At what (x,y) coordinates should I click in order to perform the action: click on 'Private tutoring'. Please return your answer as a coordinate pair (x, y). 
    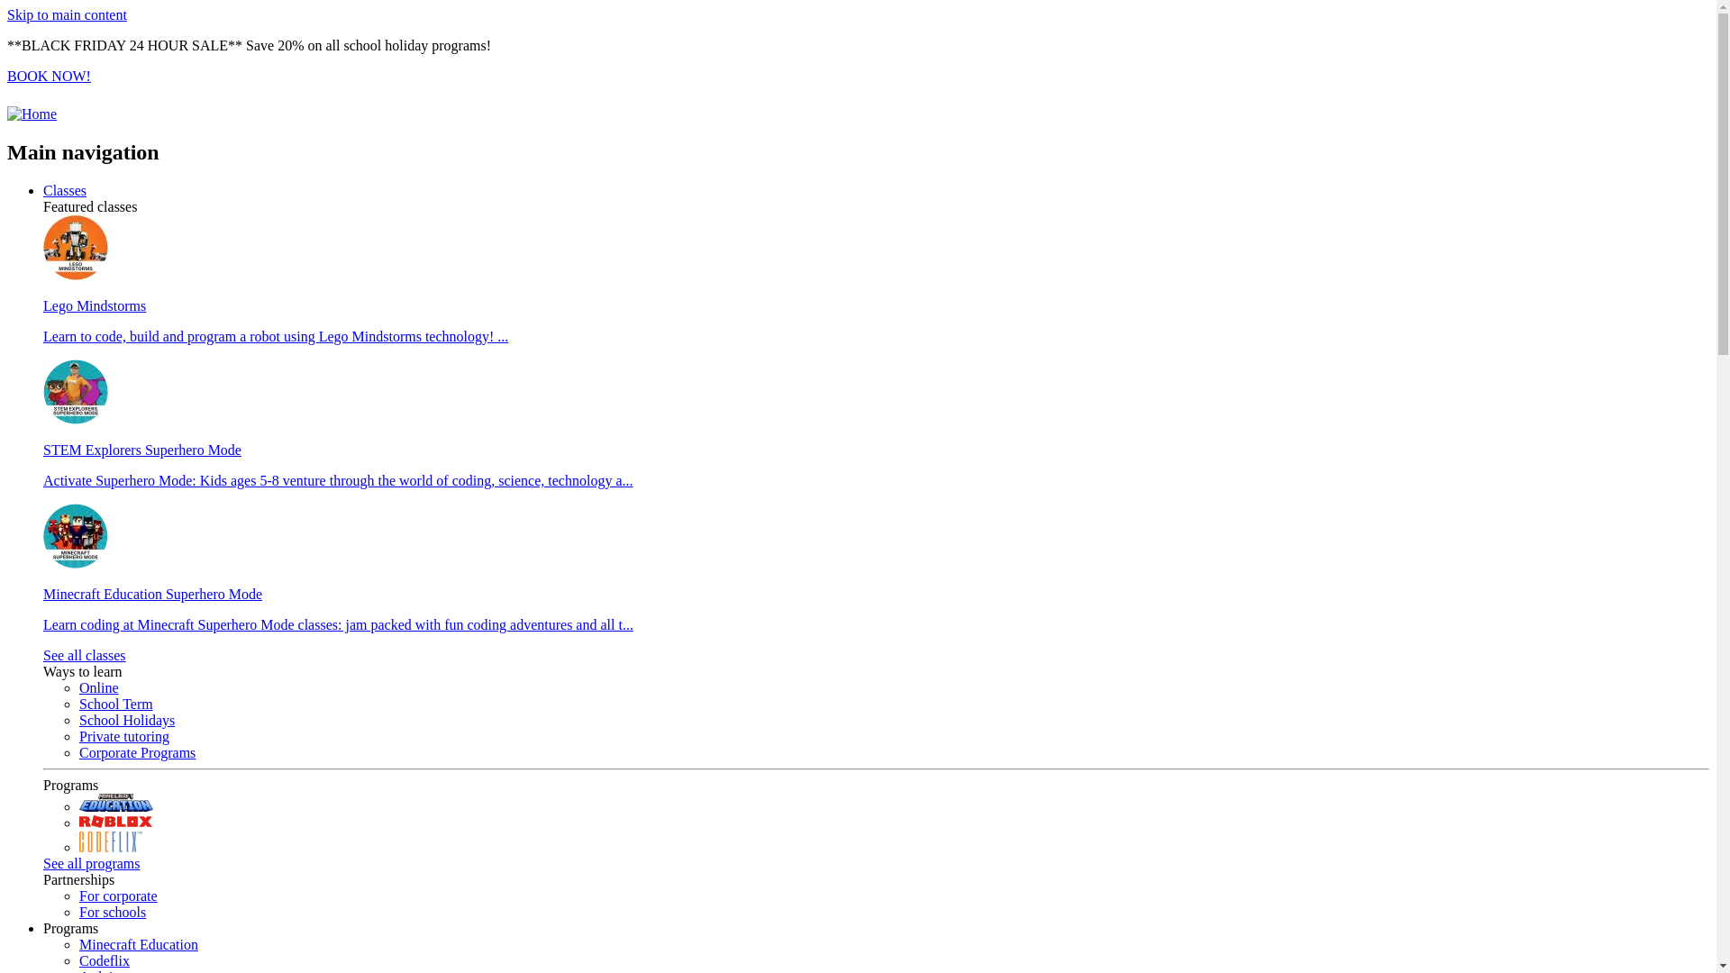
    Looking at the image, I should click on (123, 736).